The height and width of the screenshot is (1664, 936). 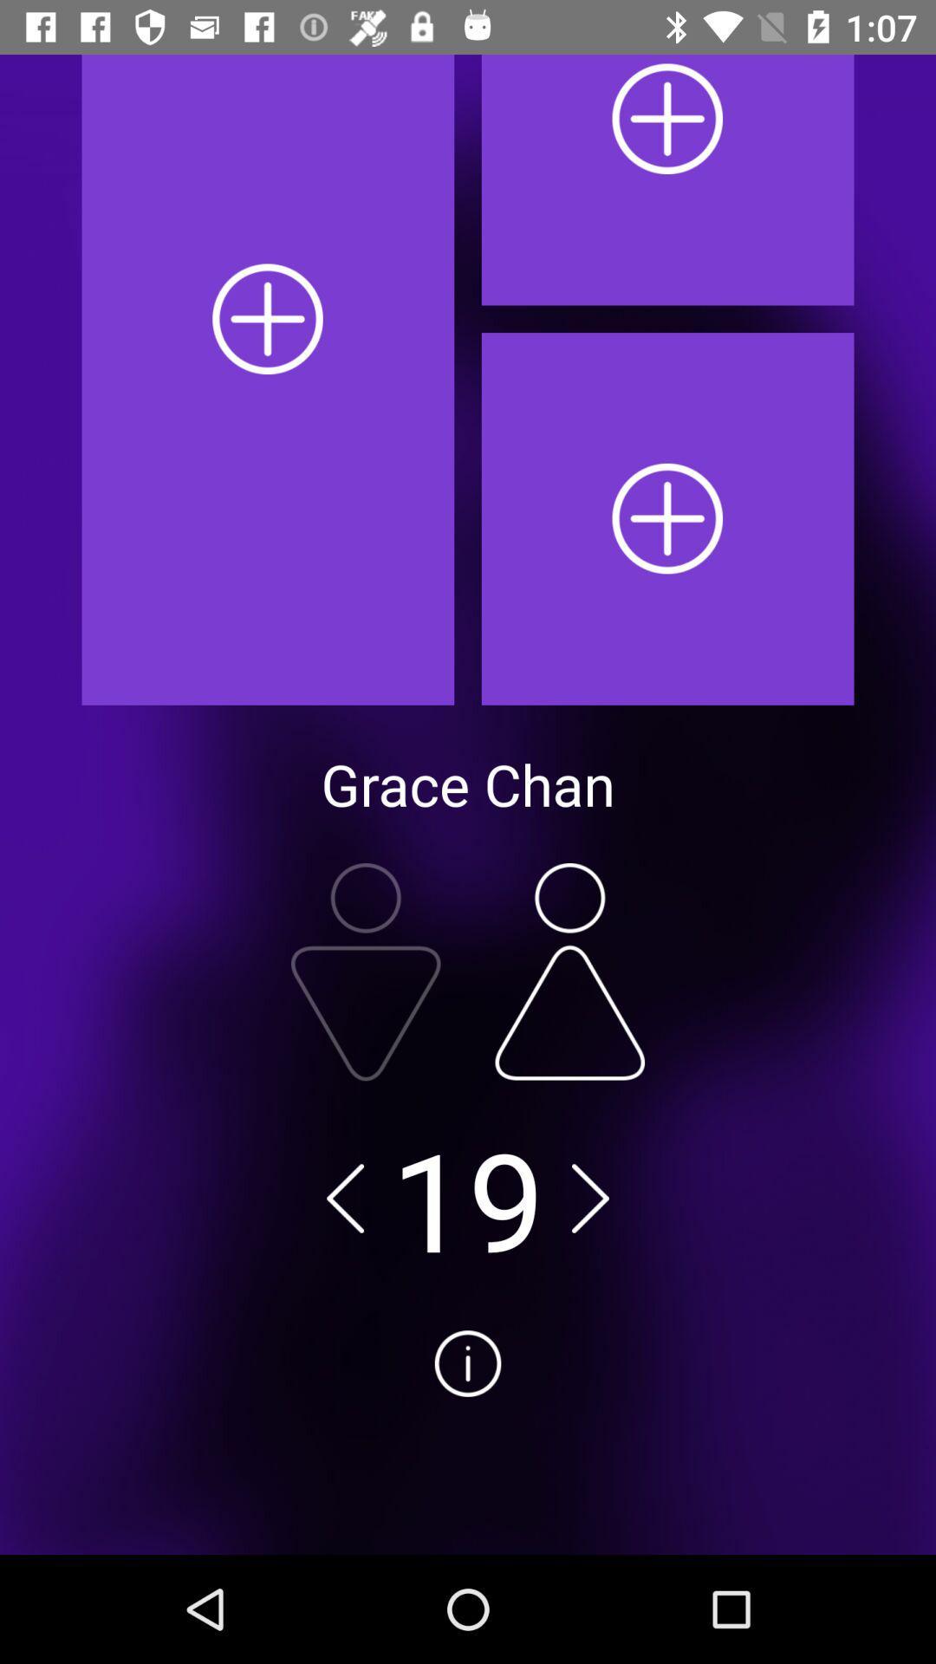 What do you see at coordinates (569, 972) in the screenshot?
I see `go up` at bounding box center [569, 972].